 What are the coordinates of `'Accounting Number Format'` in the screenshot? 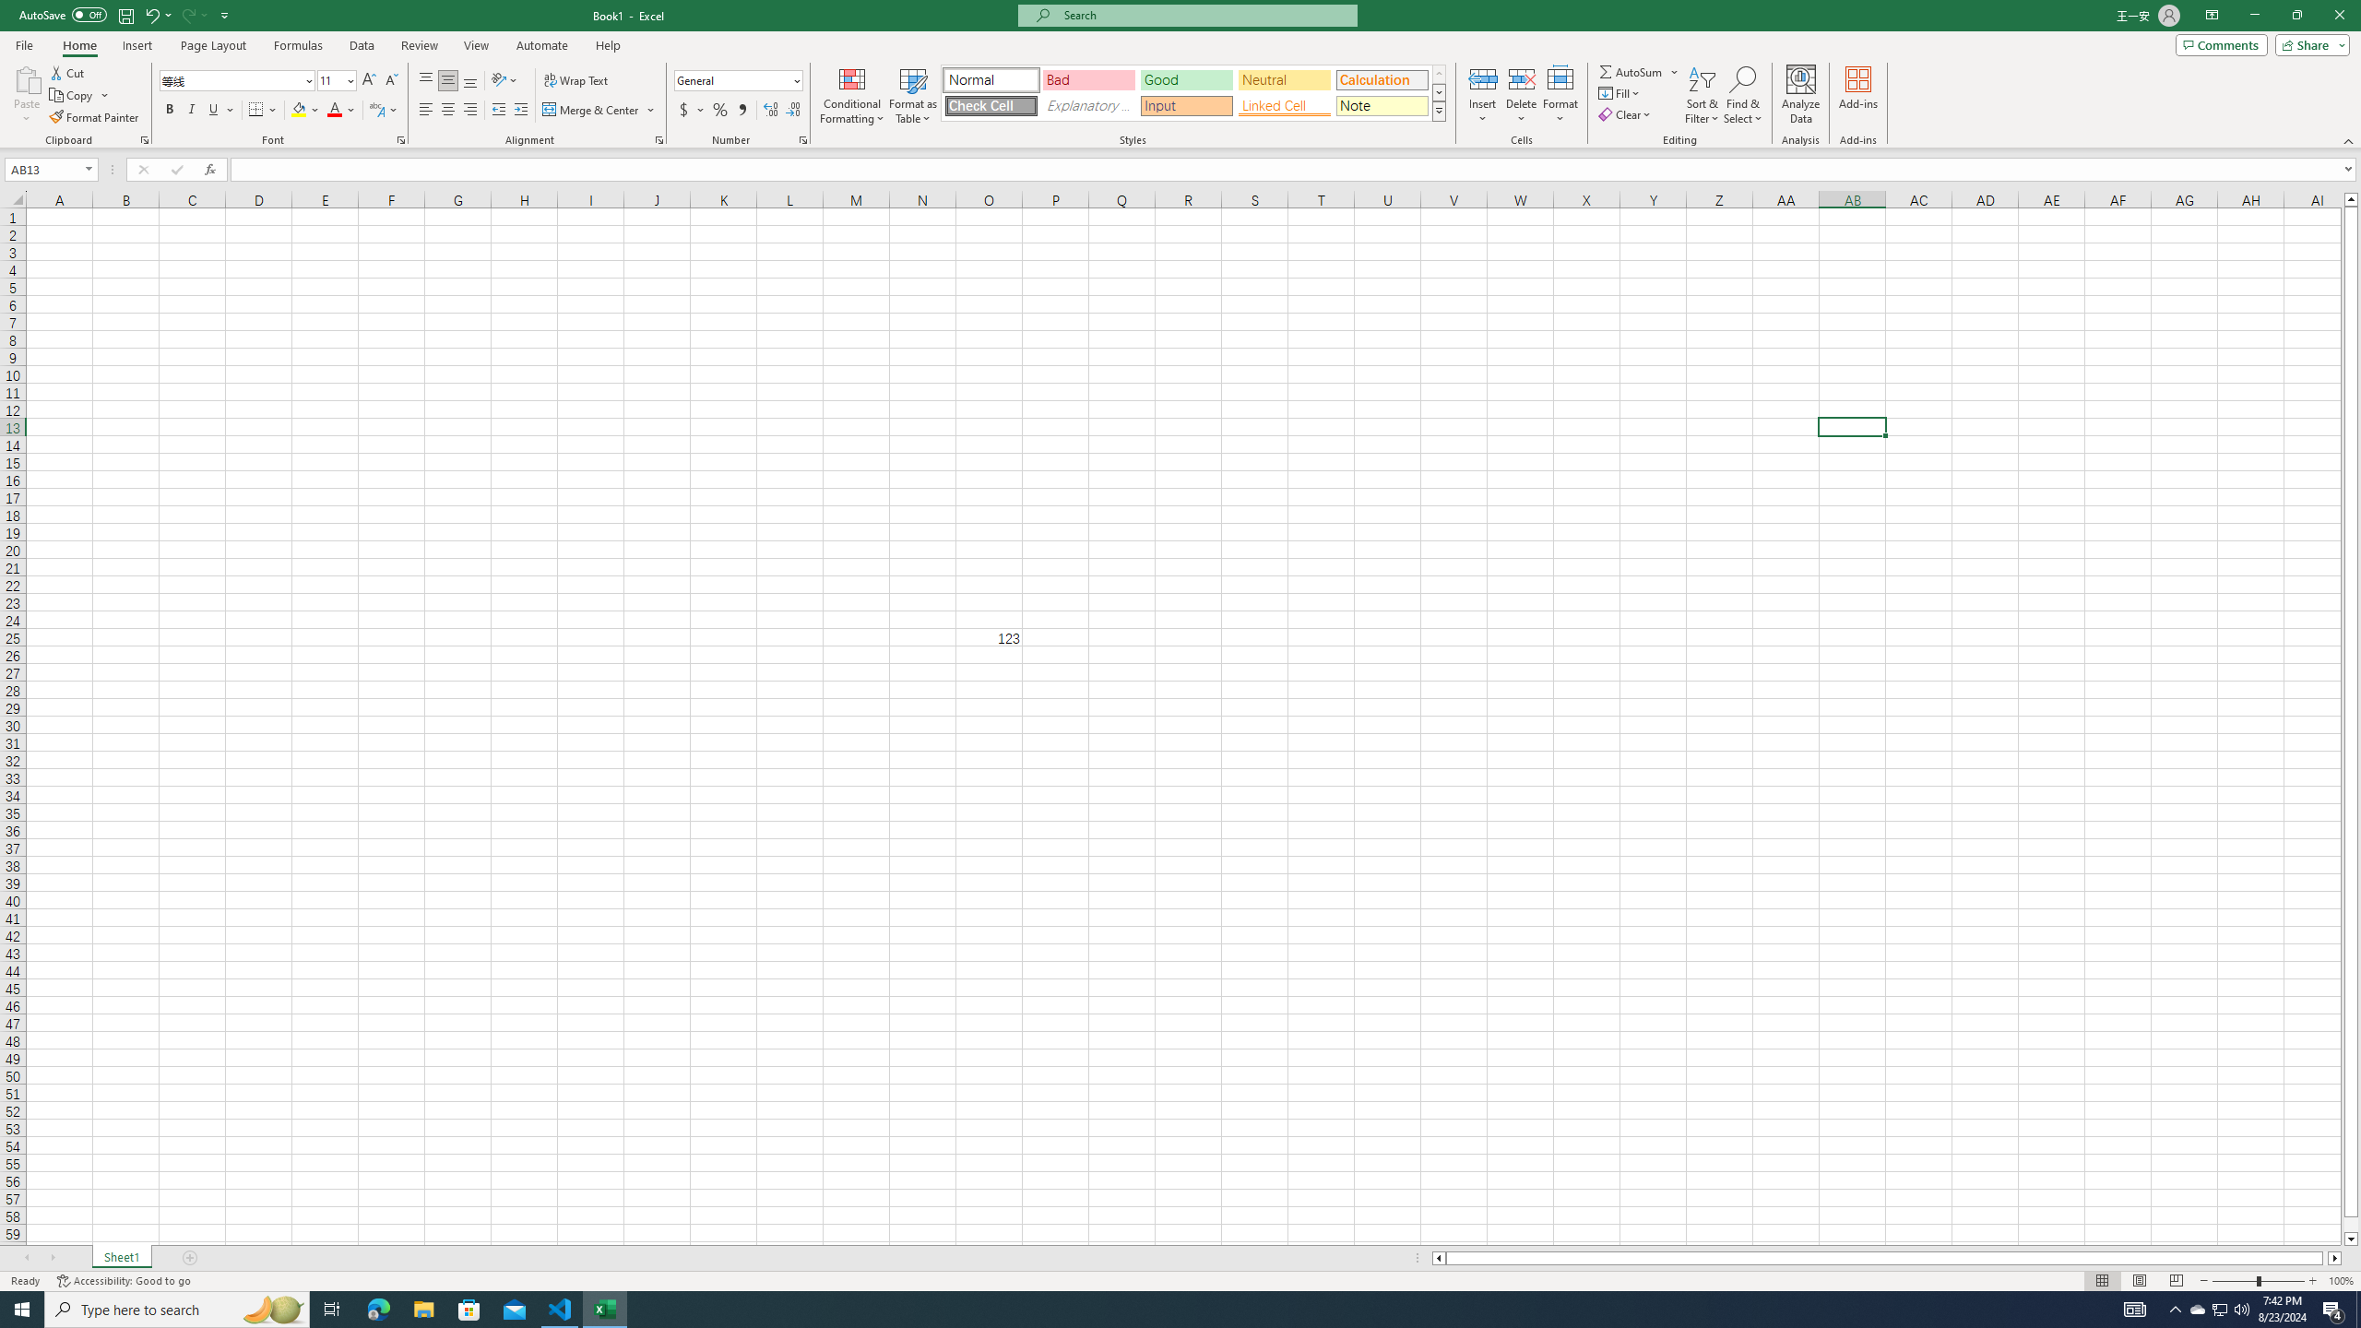 It's located at (683, 109).